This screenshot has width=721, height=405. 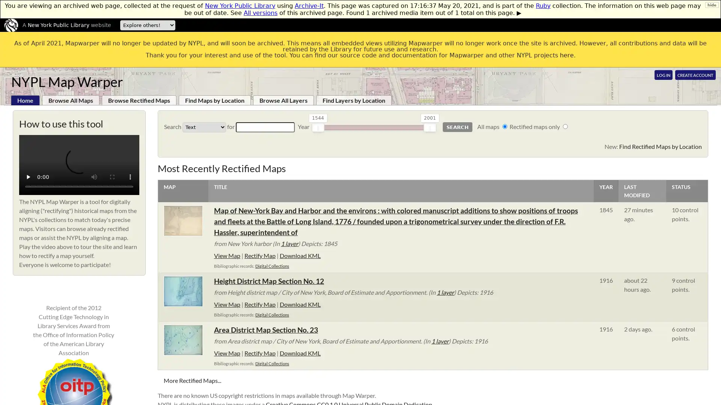 What do you see at coordinates (457, 127) in the screenshot?
I see `Search` at bounding box center [457, 127].